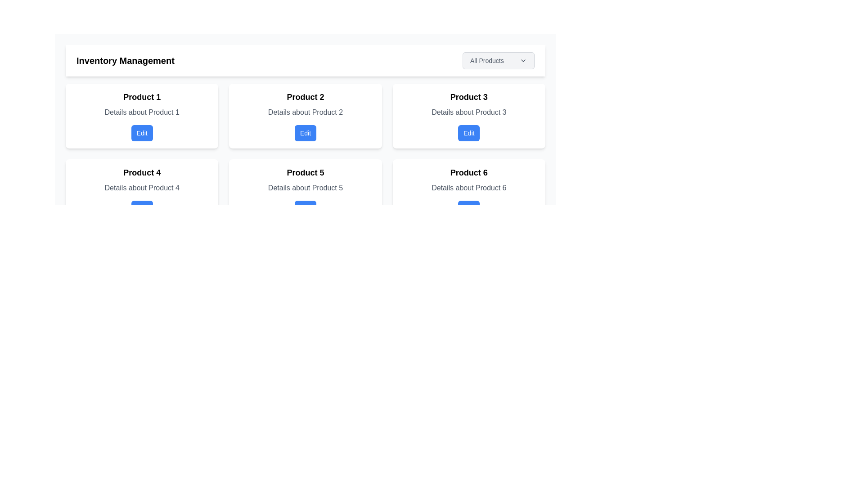 The width and height of the screenshot is (864, 486). Describe the element at coordinates (468, 208) in the screenshot. I see `the 'Edit' button with a blue background and white text located at the bottom of the 'Product 6' card` at that location.